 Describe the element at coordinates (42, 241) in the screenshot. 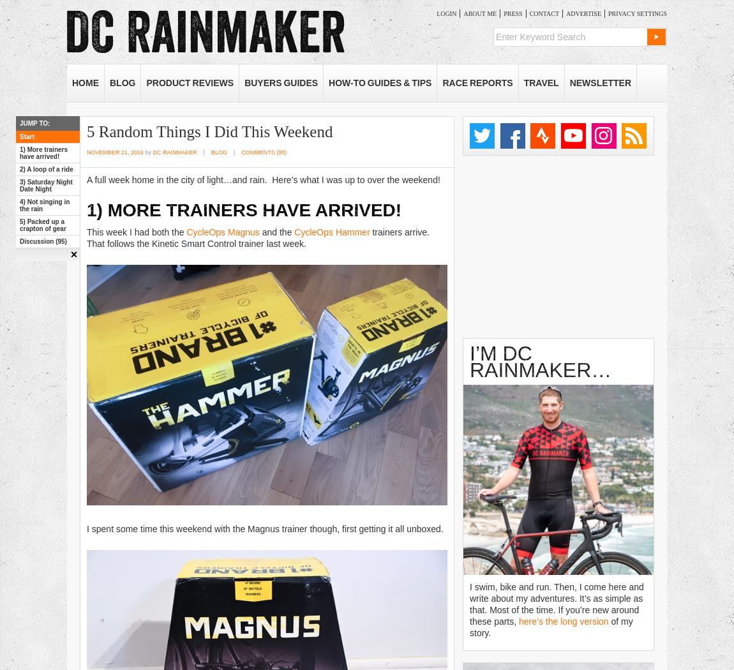

I see `'Discussion (95)'` at that location.